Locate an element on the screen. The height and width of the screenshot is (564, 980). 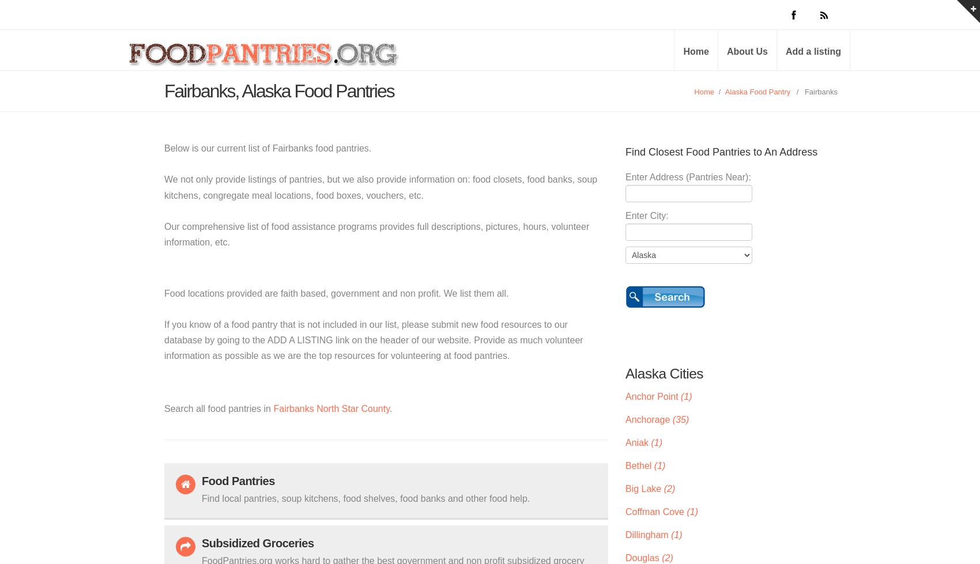
'Anchorage' is located at coordinates (649, 418).